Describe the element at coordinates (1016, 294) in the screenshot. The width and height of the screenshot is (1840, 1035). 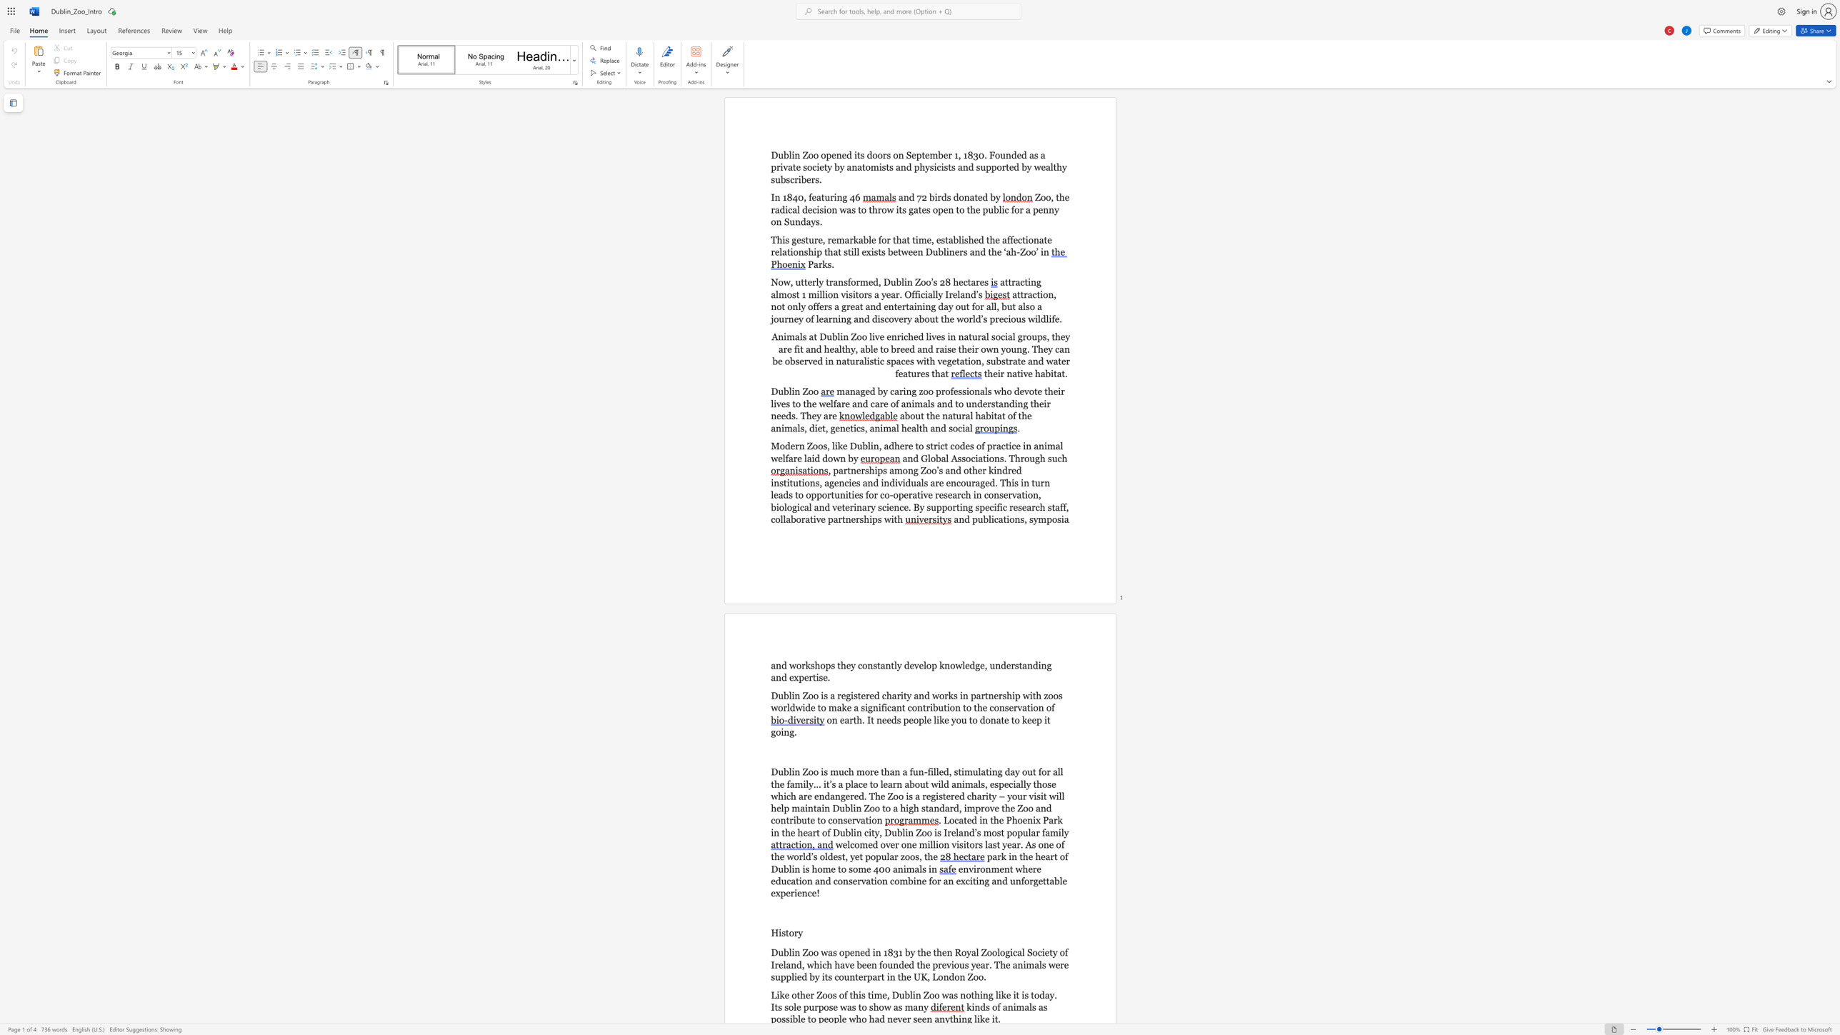
I see `the subset text "ttr" within the text "attraction, not only"` at that location.